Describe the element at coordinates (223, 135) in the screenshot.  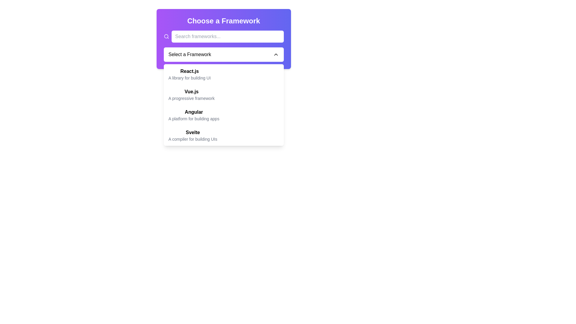
I see `the fourth item in the dropdown list` at that location.